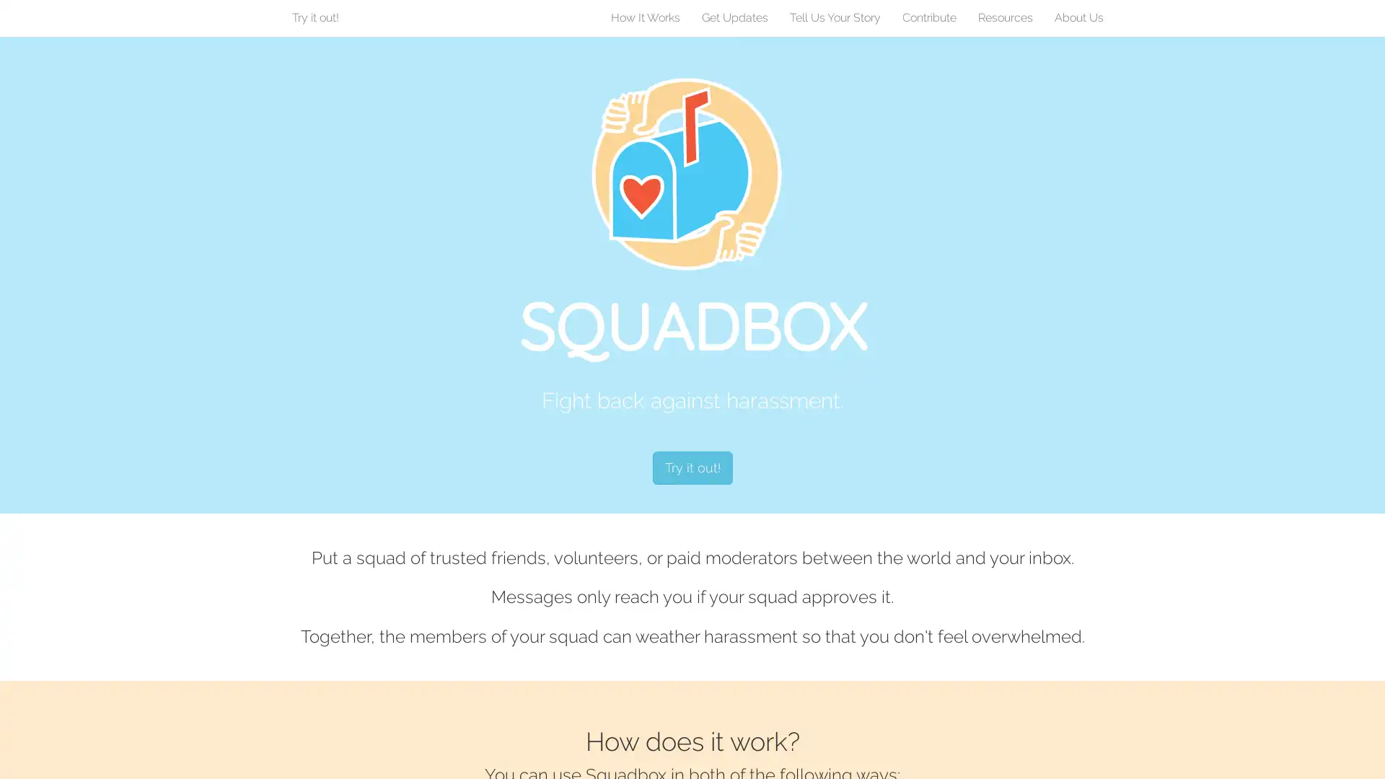  What do you see at coordinates (691, 467) in the screenshot?
I see `Try it out!` at bounding box center [691, 467].